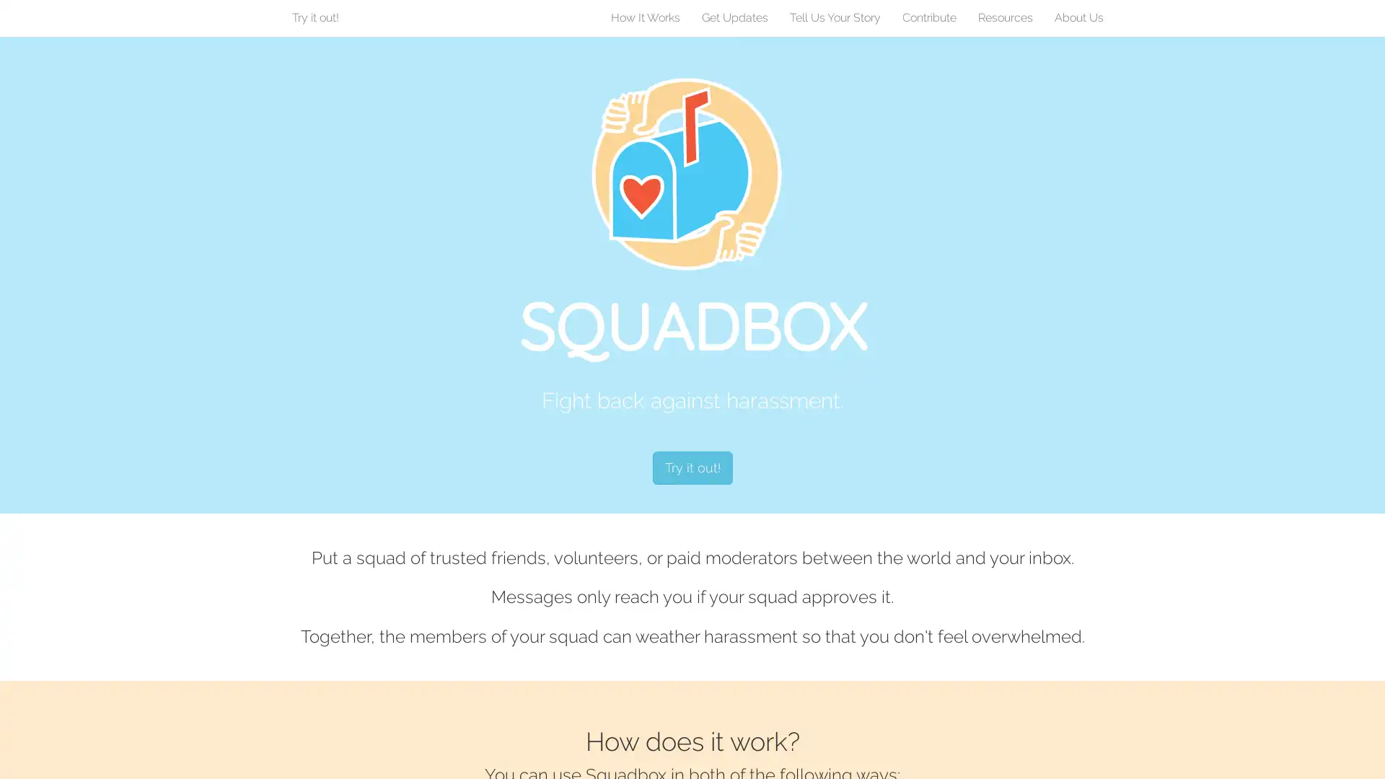  What do you see at coordinates (691, 467) in the screenshot?
I see `Try it out!` at bounding box center [691, 467].